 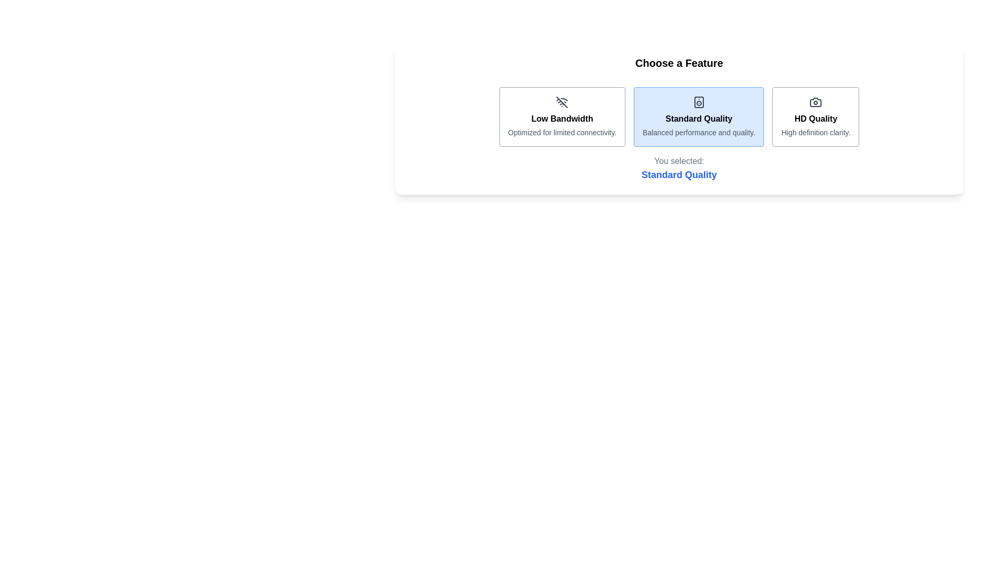 What do you see at coordinates (679, 63) in the screenshot?
I see `the Text label that serves as a heading, indicating the purpose of the section for selecting features` at bounding box center [679, 63].